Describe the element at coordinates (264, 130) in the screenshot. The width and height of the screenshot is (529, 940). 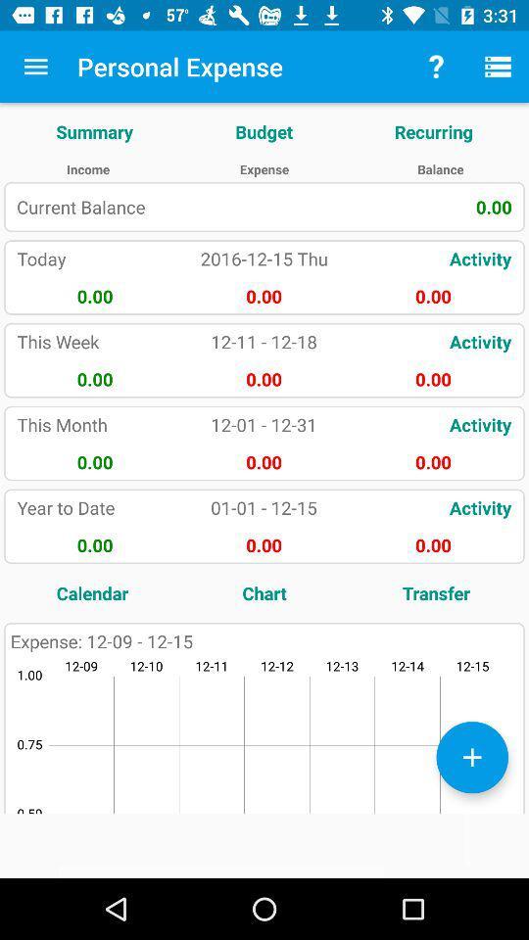
I see `app below personal expense app` at that location.